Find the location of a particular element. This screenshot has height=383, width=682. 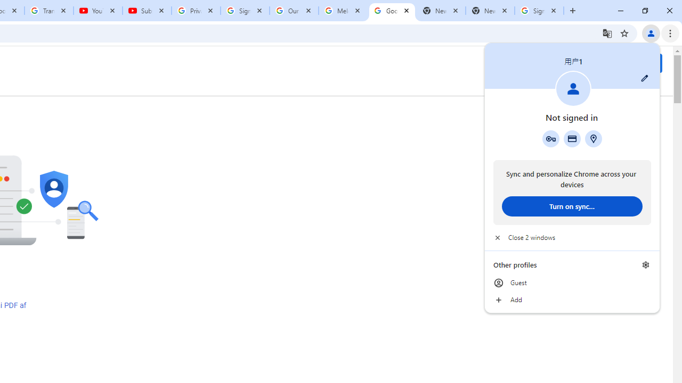

'Google Password Manager' is located at coordinates (550, 138).